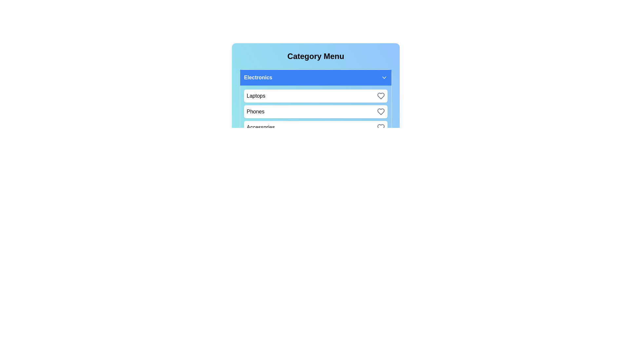 The width and height of the screenshot is (629, 354). What do you see at coordinates (316, 103) in the screenshot?
I see `the 'Phones' category list item, which is the second item in a vertical list within a dropdown structure` at bounding box center [316, 103].